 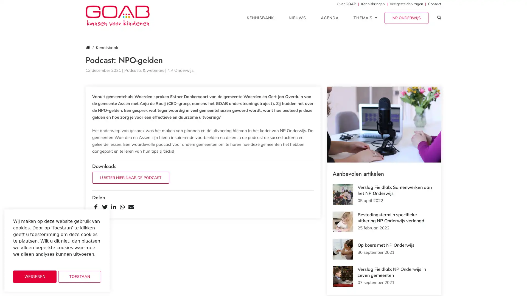 What do you see at coordinates (79, 277) in the screenshot?
I see `allow cookies` at bounding box center [79, 277].